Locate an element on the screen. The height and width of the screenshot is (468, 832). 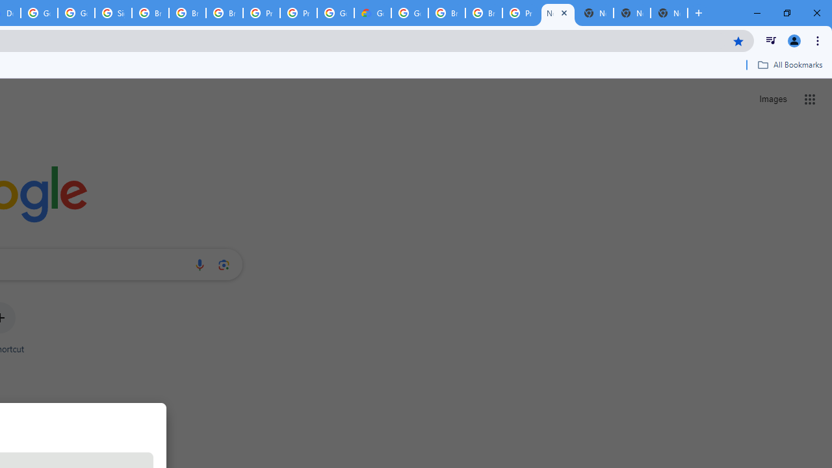
'Browse Chrome as a guest - Computer - Google Chrome Help' is located at coordinates (150, 13).